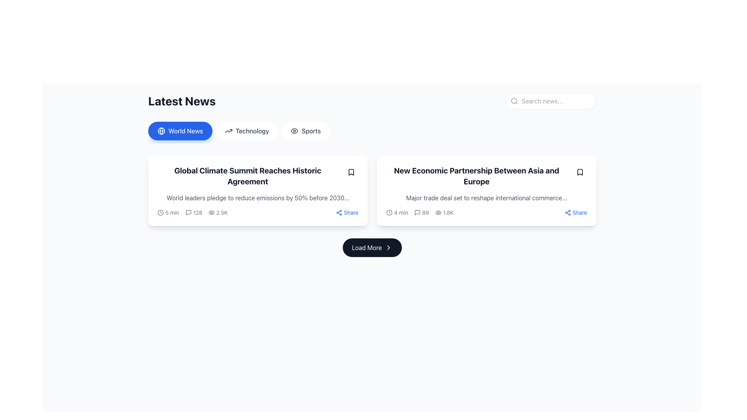  I want to click on the 'Sports' button, which has a white background, rounded corners, and an eye icon, so click(305, 130).